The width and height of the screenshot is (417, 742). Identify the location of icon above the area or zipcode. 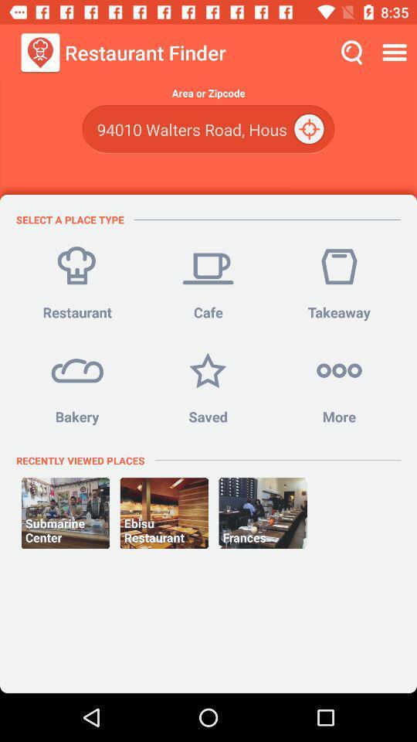
(396, 53).